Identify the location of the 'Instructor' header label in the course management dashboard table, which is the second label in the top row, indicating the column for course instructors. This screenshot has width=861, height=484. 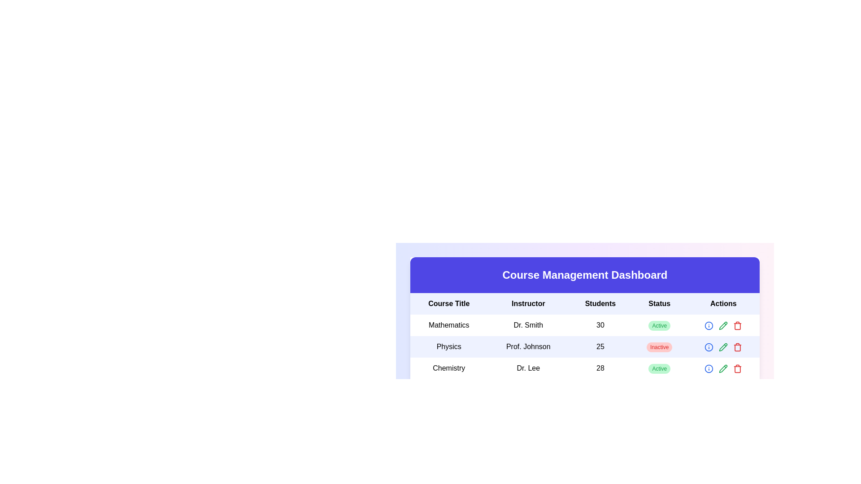
(528, 303).